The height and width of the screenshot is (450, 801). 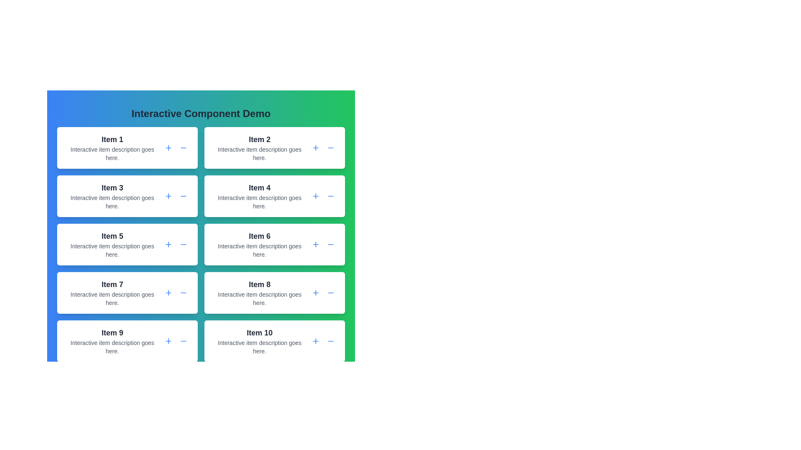 What do you see at coordinates (168, 341) in the screenshot?
I see `the interactive button located in the lower part of the ninth item in the leftmost column of the grid layout` at bounding box center [168, 341].